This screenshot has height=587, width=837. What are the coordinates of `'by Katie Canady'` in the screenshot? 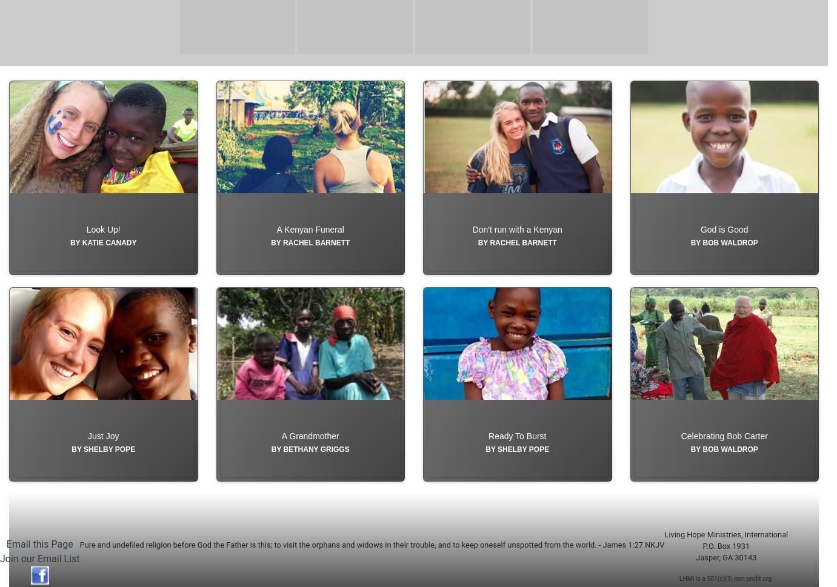 It's located at (102, 270).